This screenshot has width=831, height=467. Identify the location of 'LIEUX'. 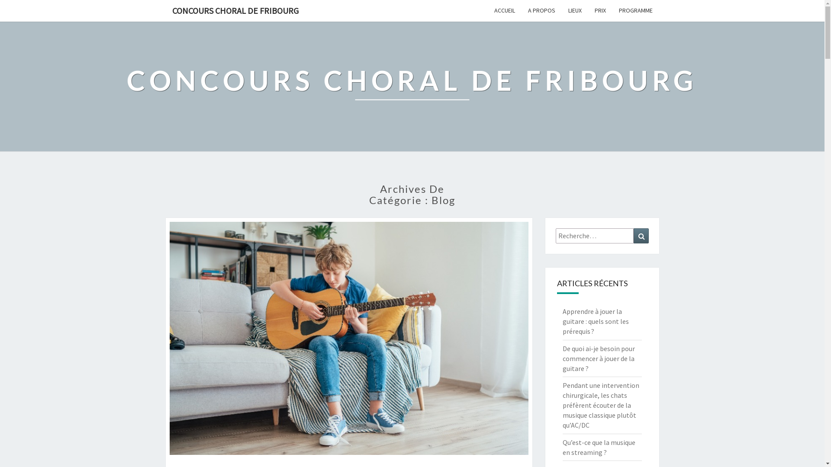
(575, 10).